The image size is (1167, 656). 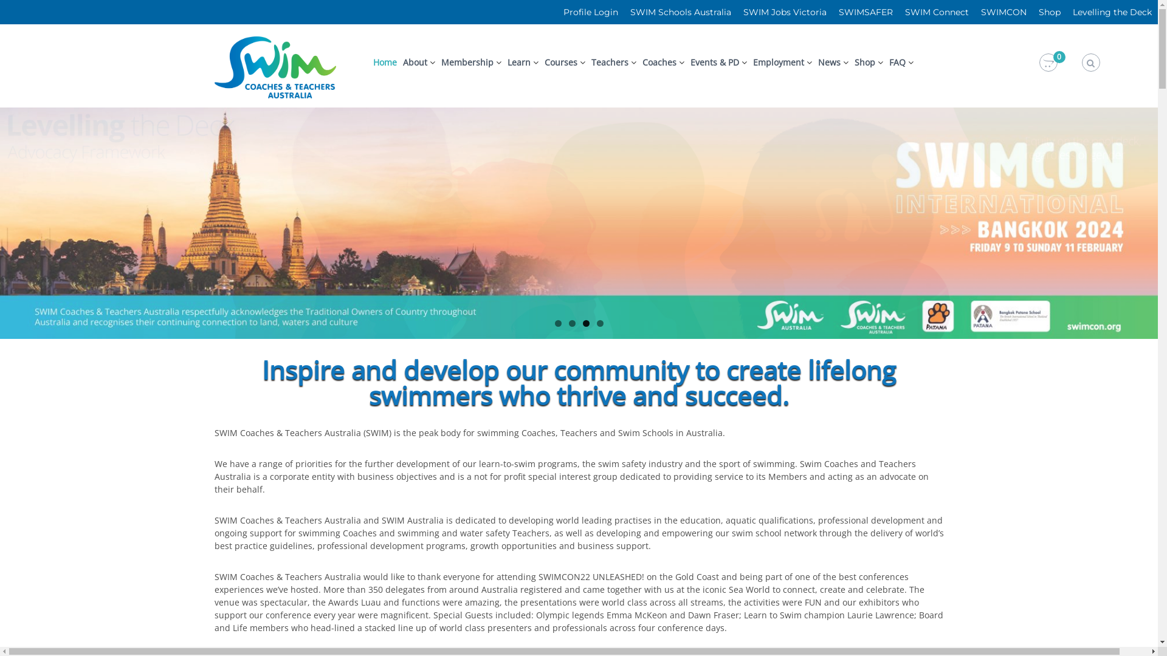 I want to click on 'Home', so click(x=384, y=62).